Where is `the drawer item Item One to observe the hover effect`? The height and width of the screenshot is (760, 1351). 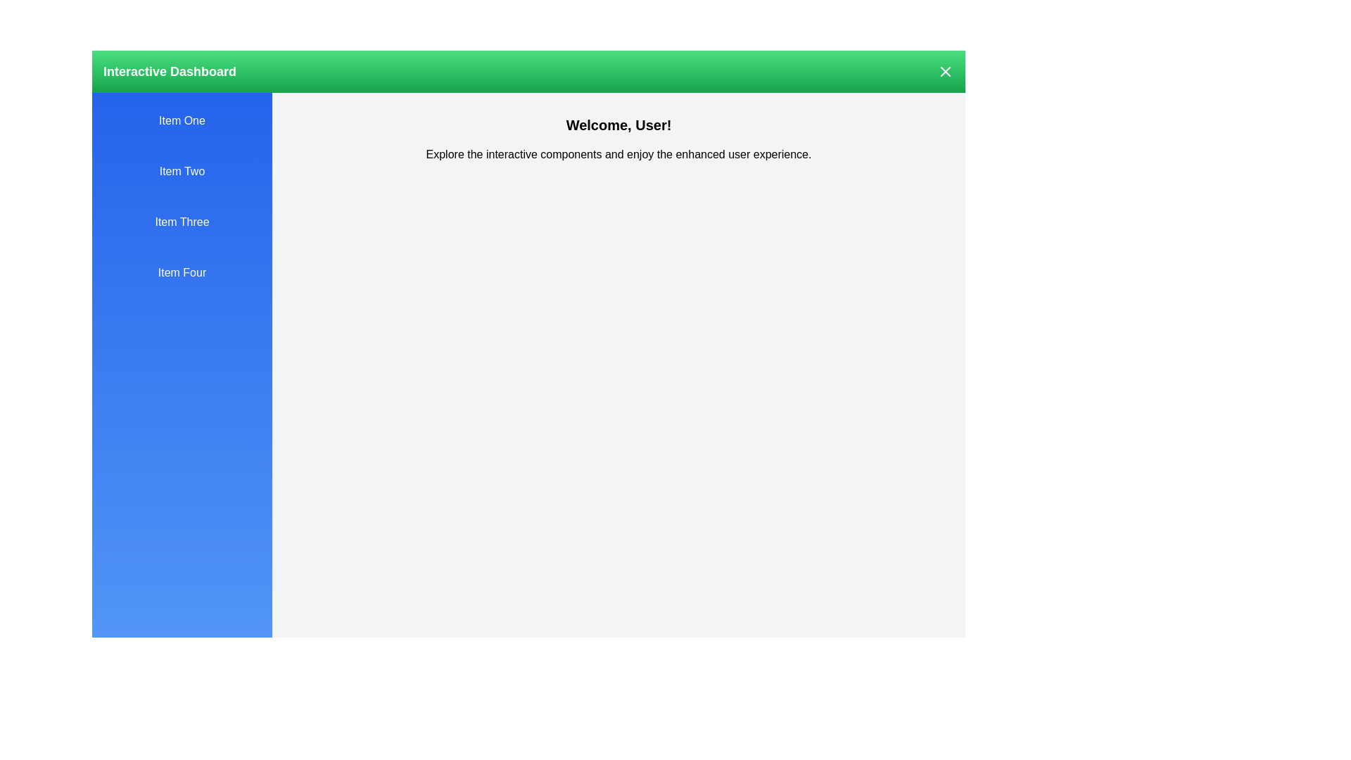 the drawer item Item One to observe the hover effect is located at coordinates (182, 120).